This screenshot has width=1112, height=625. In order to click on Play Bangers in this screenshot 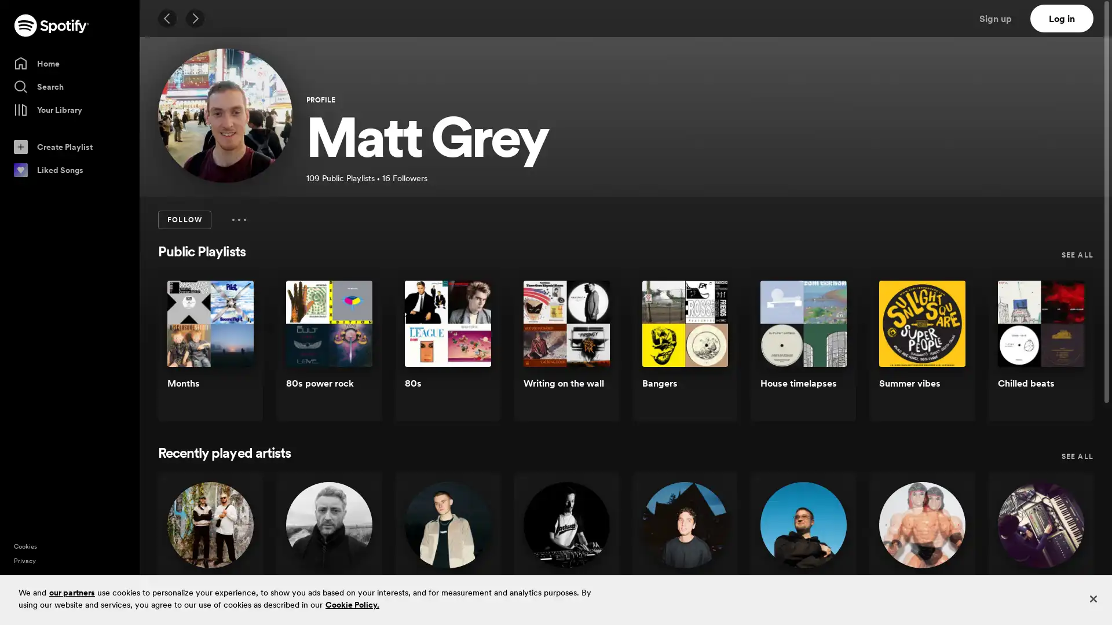, I will do `click(708, 352)`.